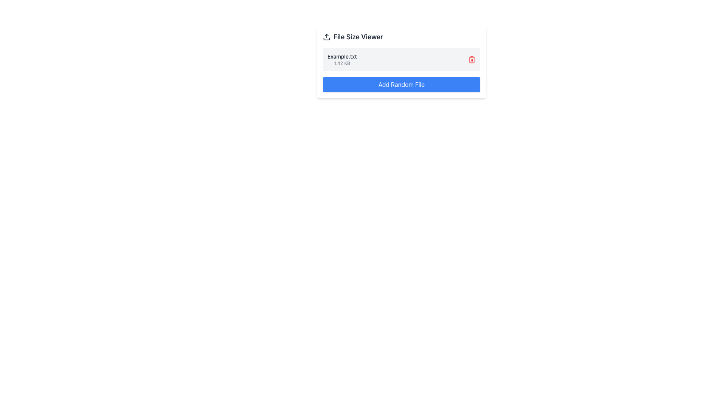 This screenshot has width=726, height=408. I want to click on the upload indicator icon located to the left of the 'File Size Viewer' heading, aligned vertically and slightly separated, so click(327, 37).